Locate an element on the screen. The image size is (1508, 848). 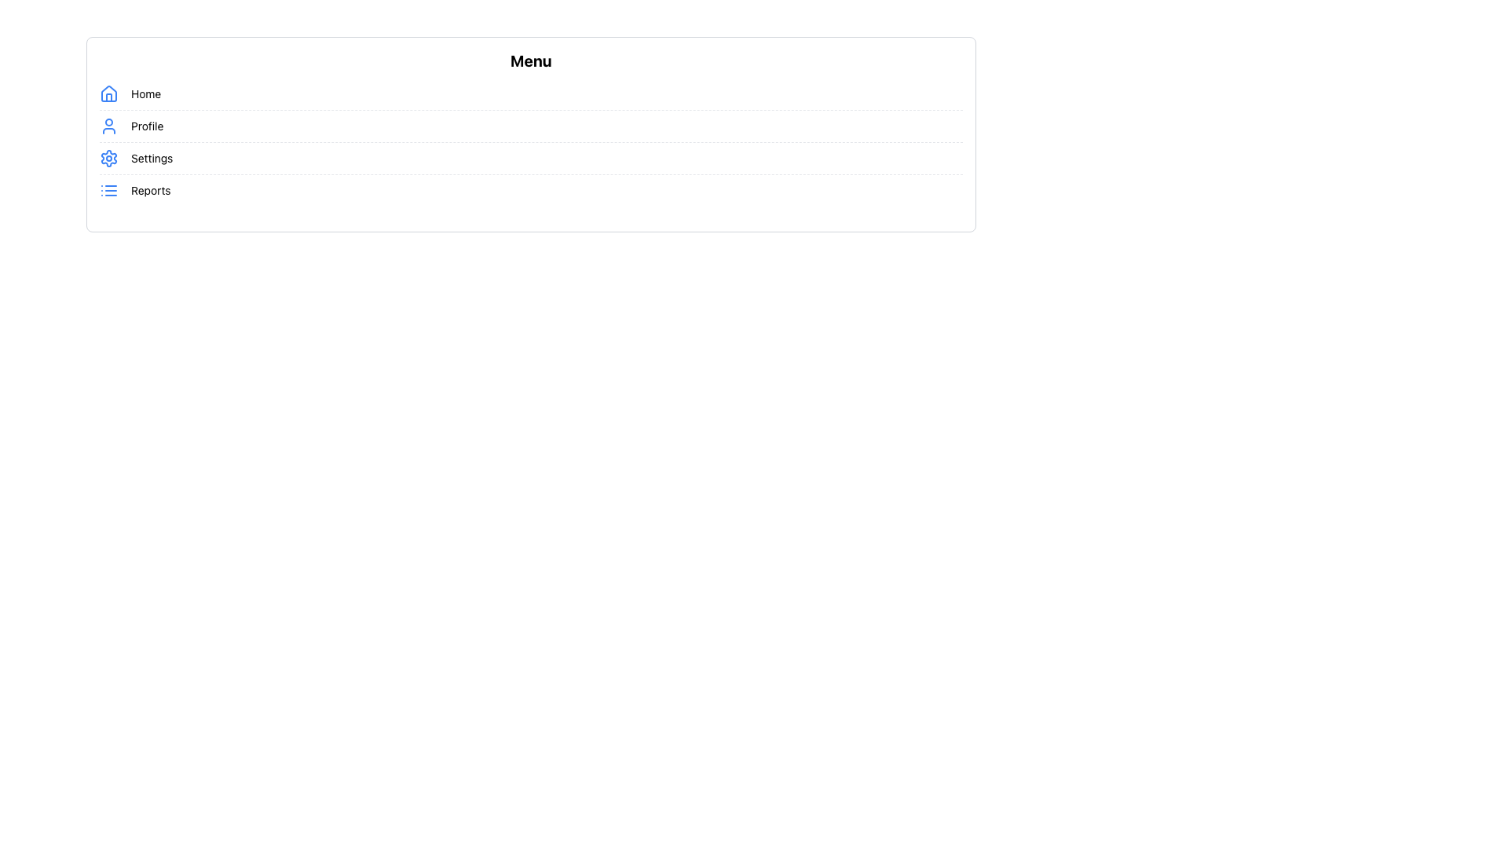
the vertical rectangular shape that represents the doorway of the house icon located in the lower-central part of the house icon within the 'Home' menu entry is located at coordinates (108, 97).